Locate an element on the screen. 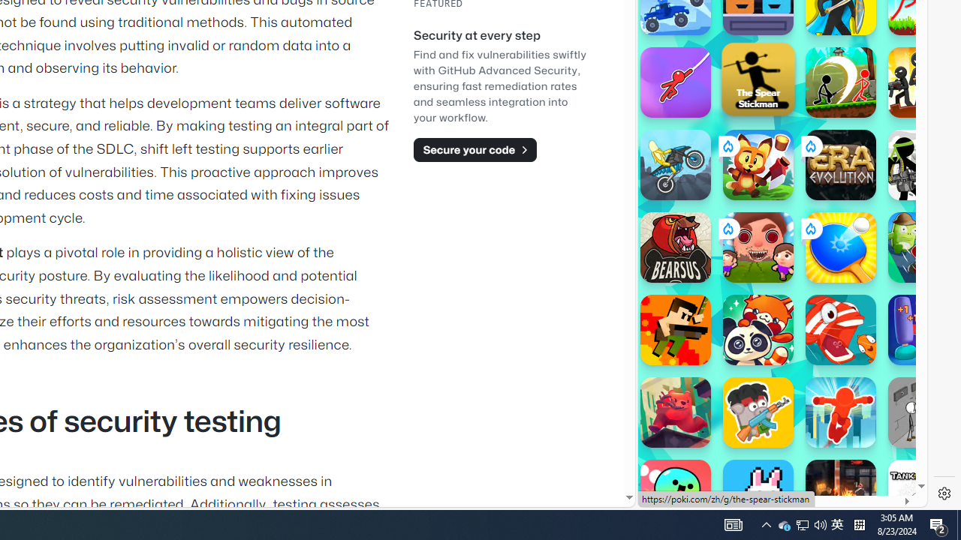 The height and width of the screenshot is (540, 961). 'Ping Pong Go! Ping Pong Go!' is located at coordinates (841, 247).